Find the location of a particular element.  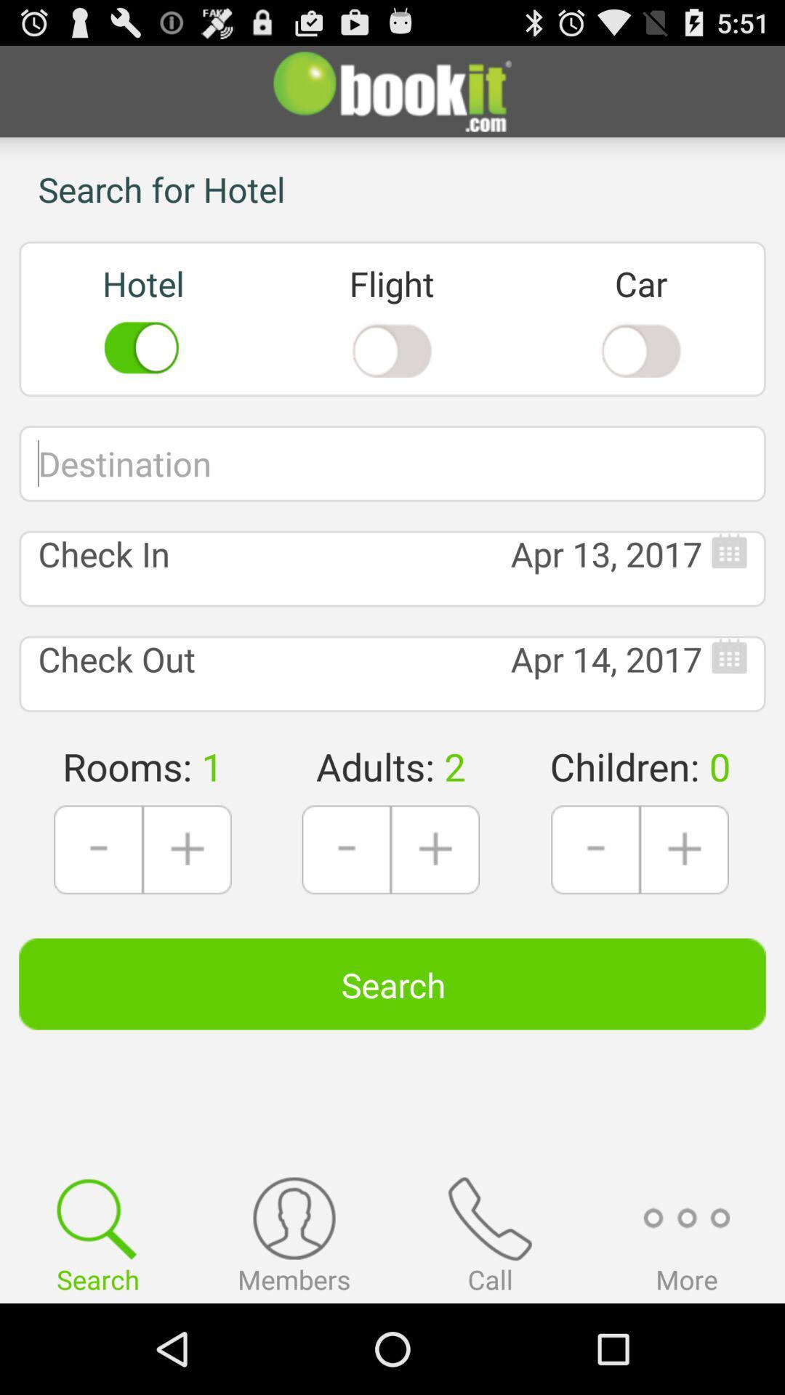

the minus icon is located at coordinates (98, 908).